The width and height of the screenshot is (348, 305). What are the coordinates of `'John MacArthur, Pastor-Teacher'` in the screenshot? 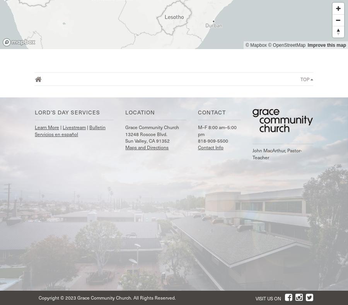 It's located at (276, 153).